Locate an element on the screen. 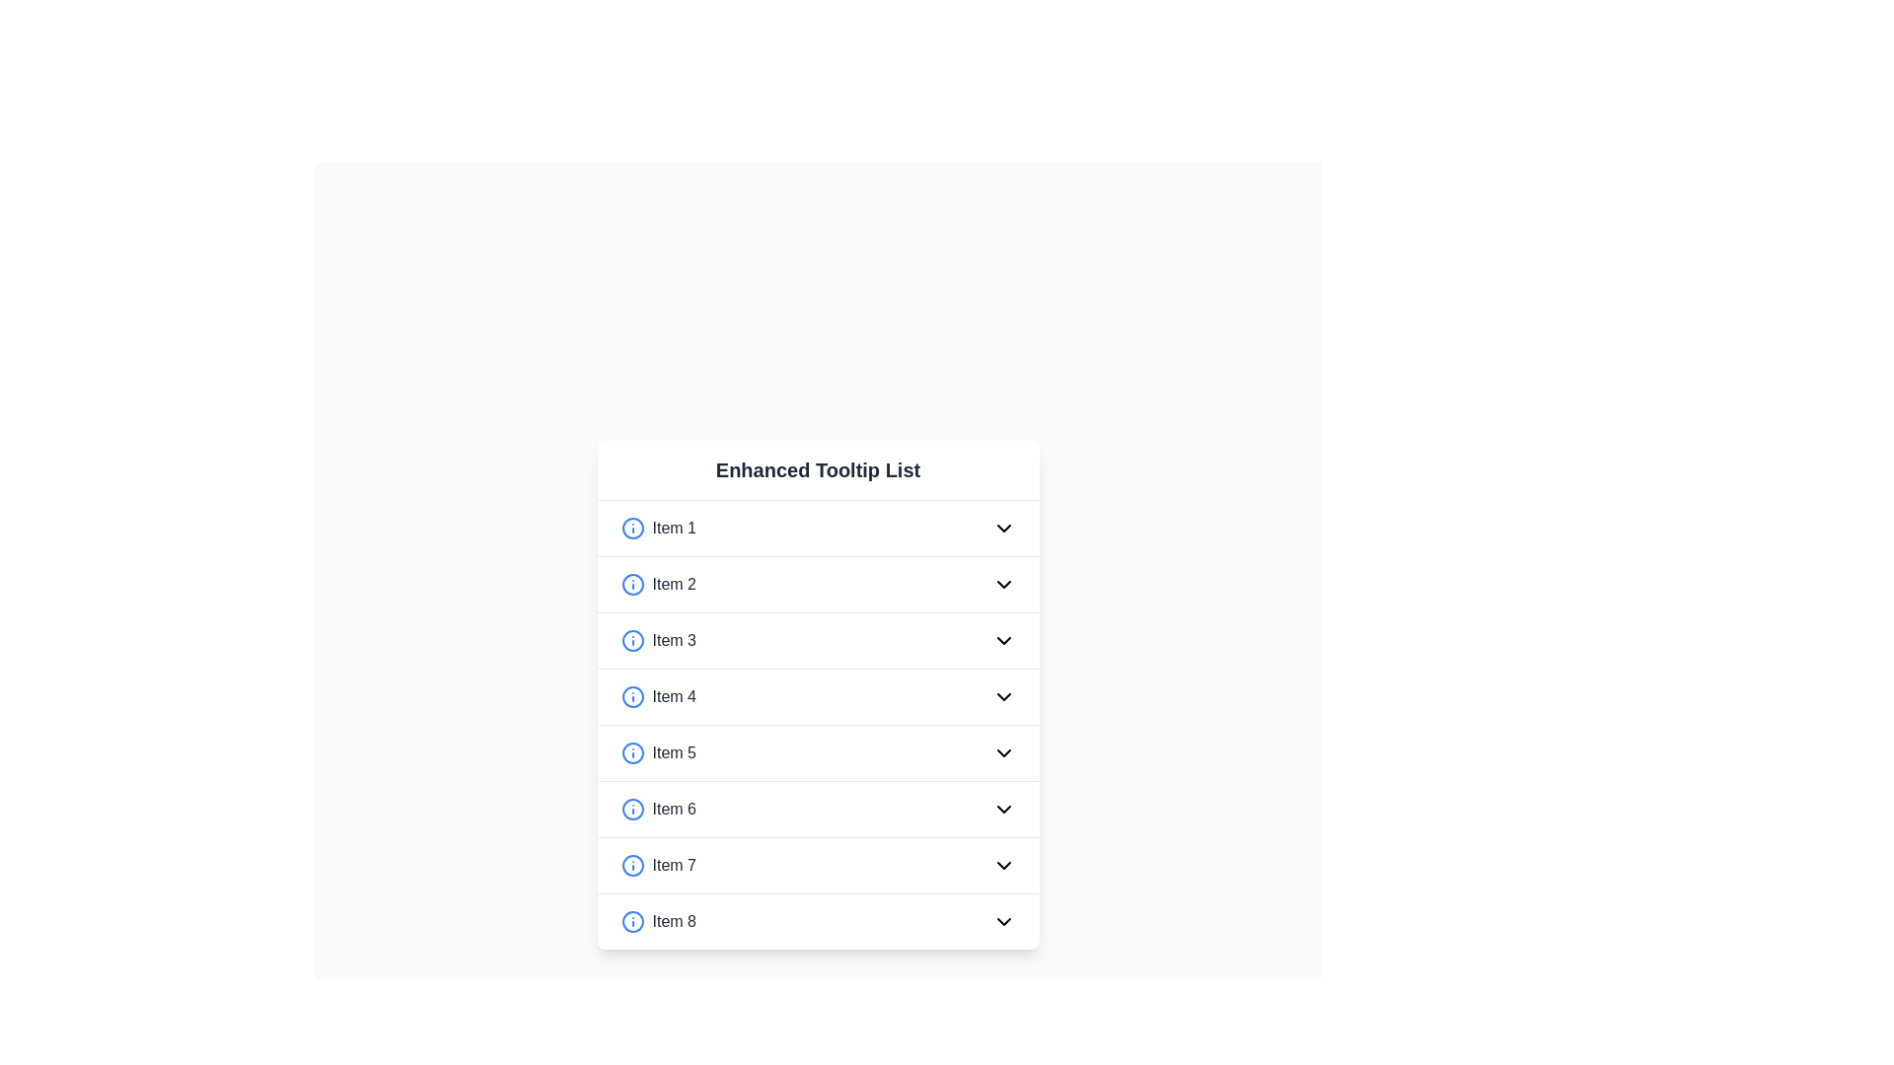  the text label identified as 'Item 4', which is located in the fourth row of the vertically stacked list layout is located at coordinates (658, 695).